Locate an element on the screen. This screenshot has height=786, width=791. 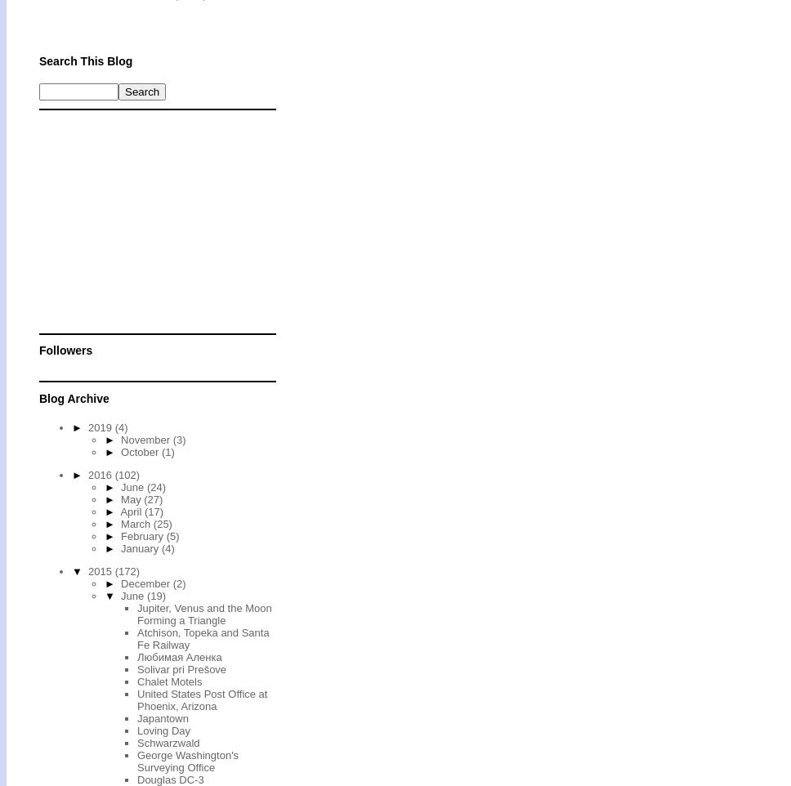
'Atchison, Topeka and Santa Fe Railway' is located at coordinates (203, 637).